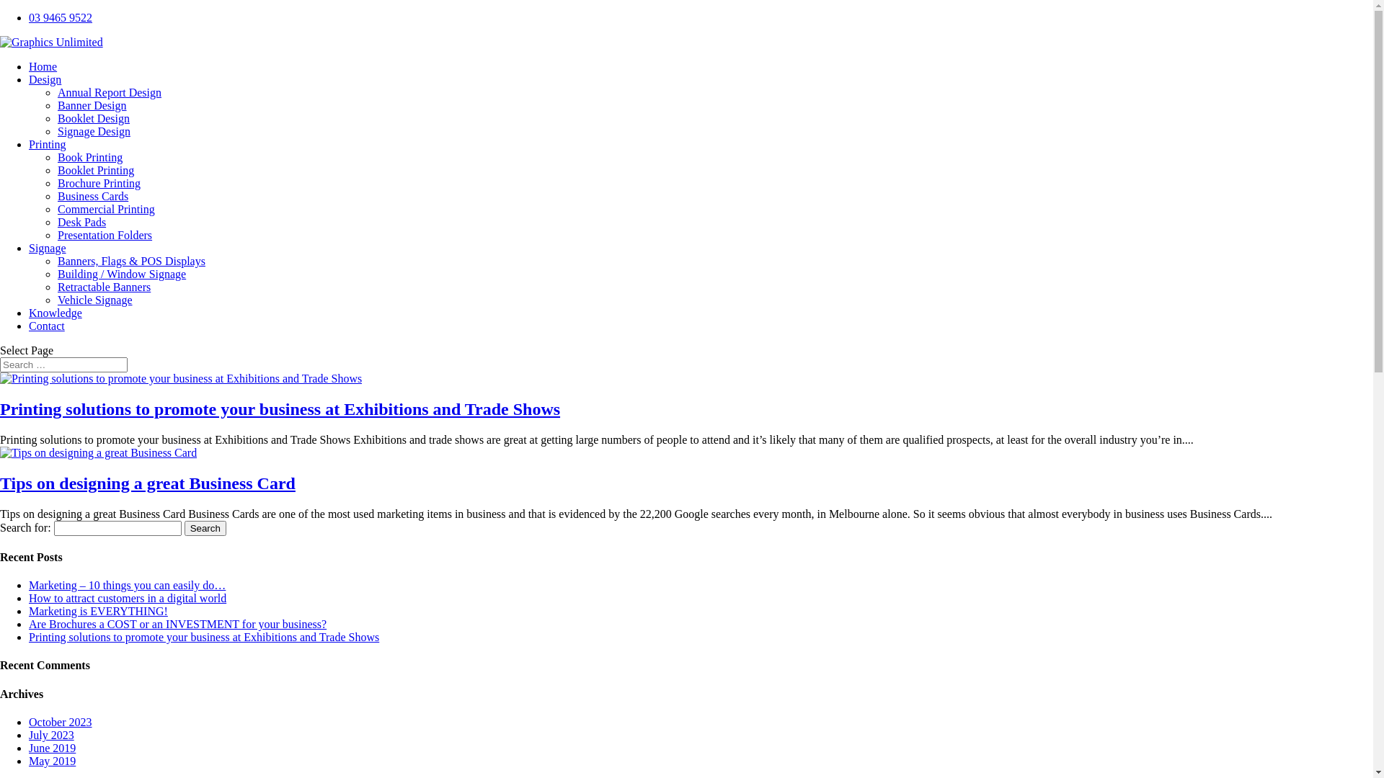  Describe the element at coordinates (59, 722) in the screenshot. I see `'October 2023'` at that location.